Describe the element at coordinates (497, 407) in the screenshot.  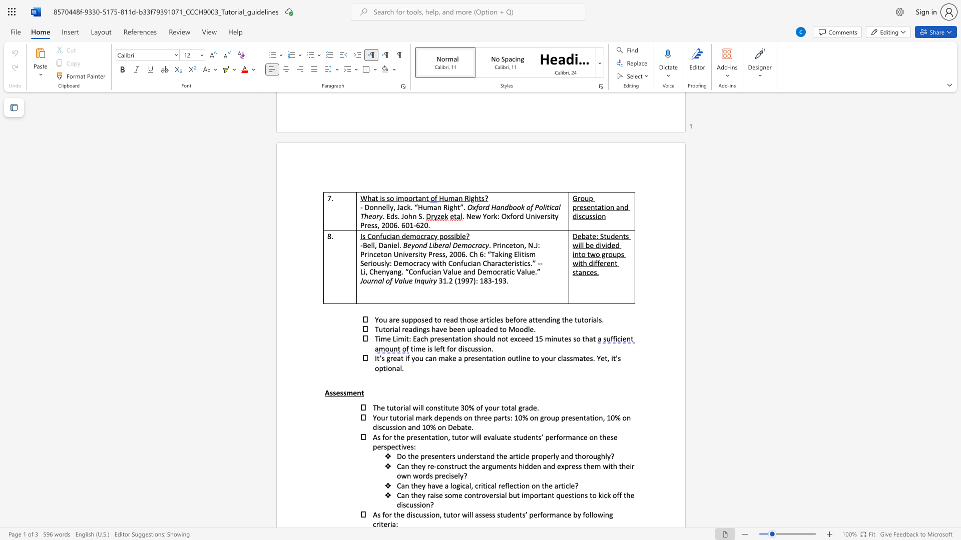
I see `the subset text "r tot" within the text "30% of your total grade."` at that location.